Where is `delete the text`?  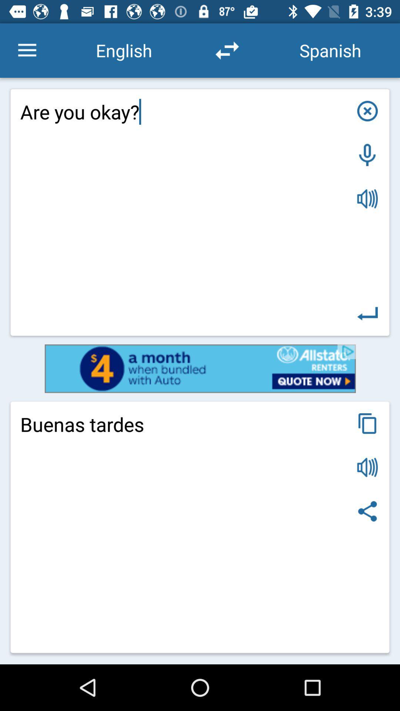 delete the text is located at coordinates (367, 110).